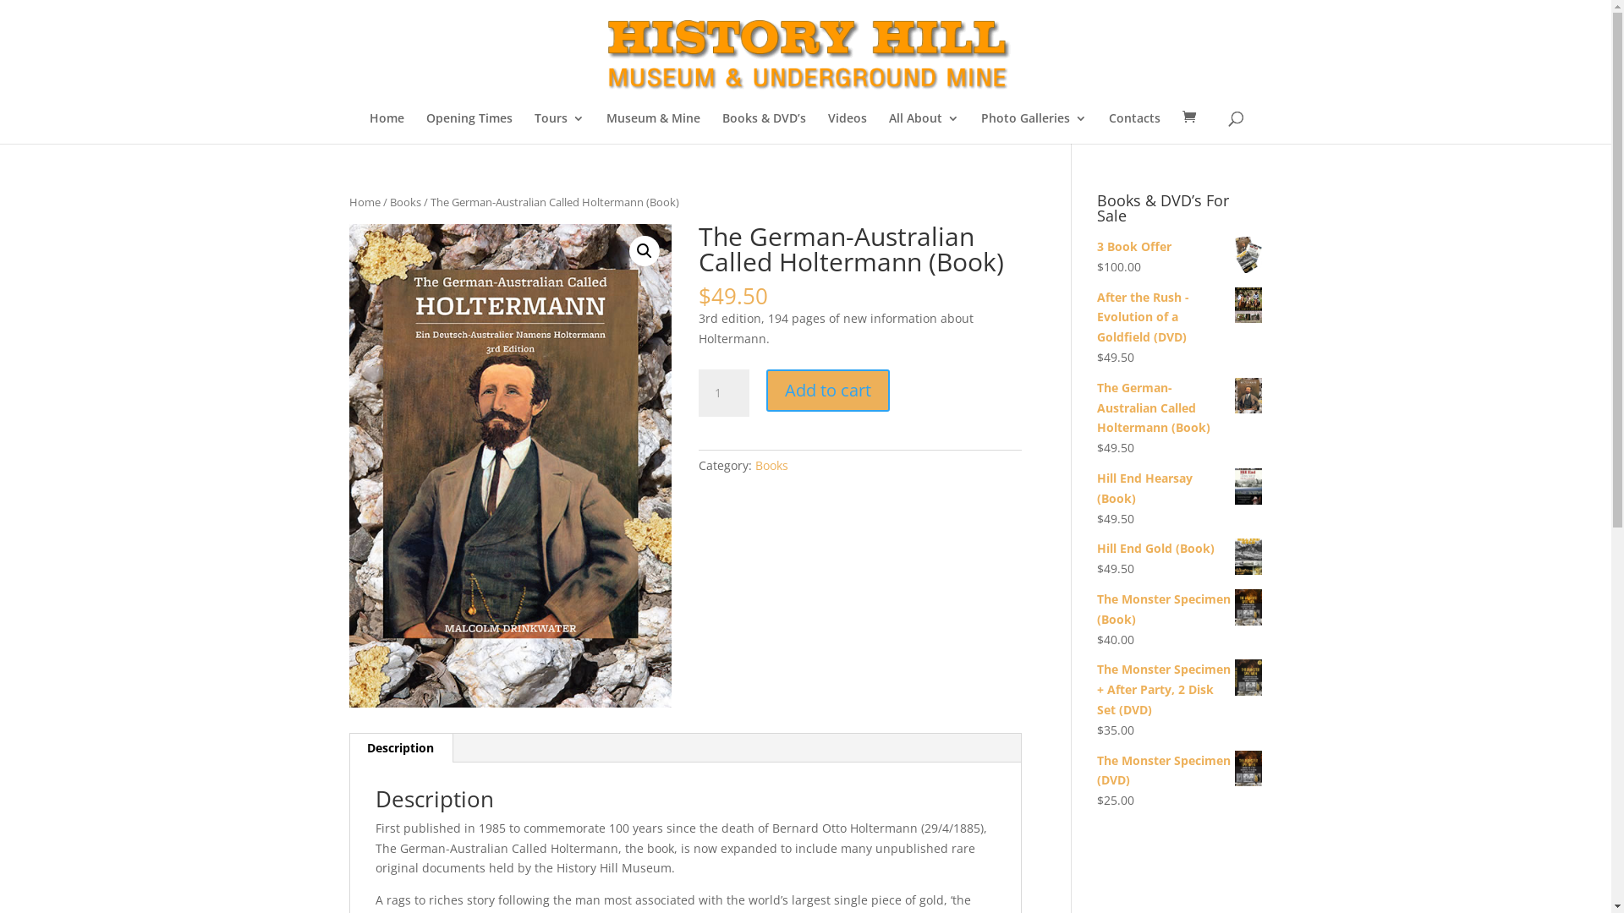 This screenshot has height=913, width=1624. Describe the element at coordinates (652, 127) in the screenshot. I see `'Museum & Mine'` at that location.